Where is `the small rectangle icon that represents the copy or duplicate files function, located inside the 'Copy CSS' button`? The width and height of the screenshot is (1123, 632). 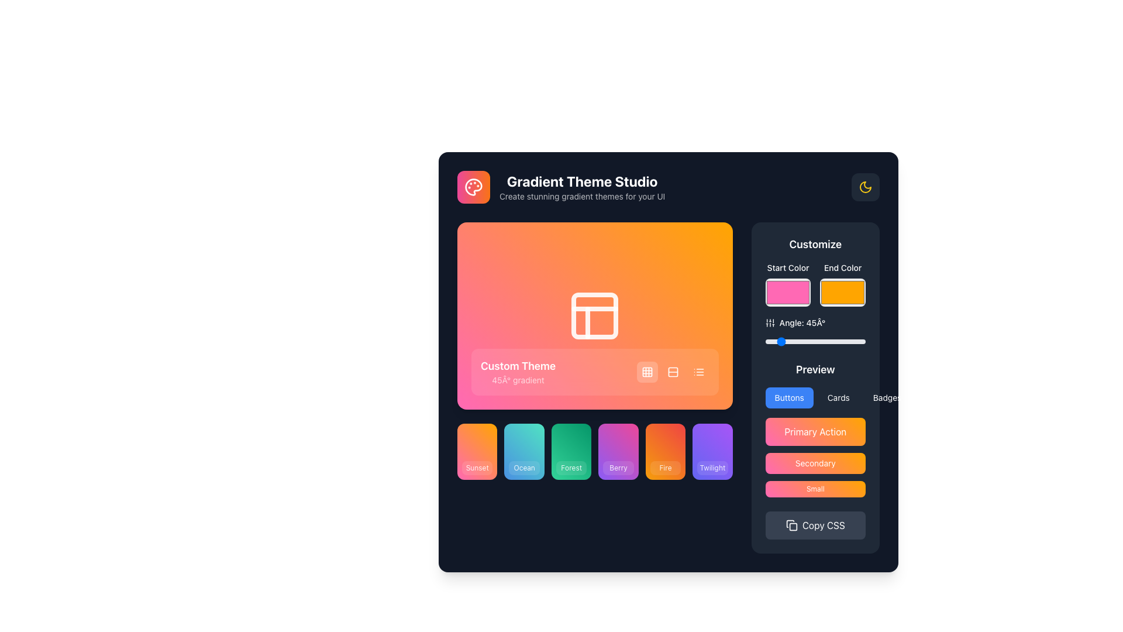 the small rectangle icon that represents the copy or duplicate files function, located inside the 'Copy CSS' button is located at coordinates (793, 527).